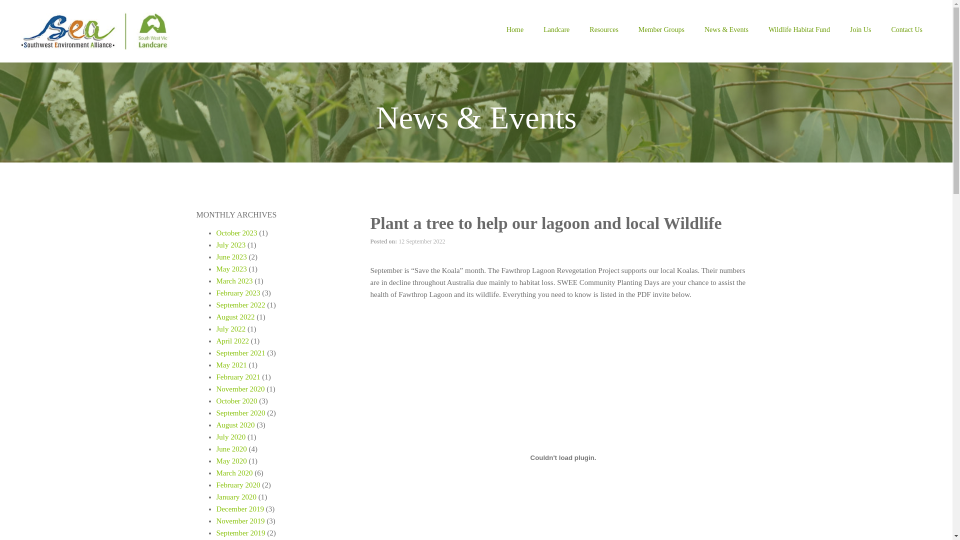 The width and height of the screenshot is (960, 540). What do you see at coordinates (230, 268) in the screenshot?
I see `'May 2023'` at bounding box center [230, 268].